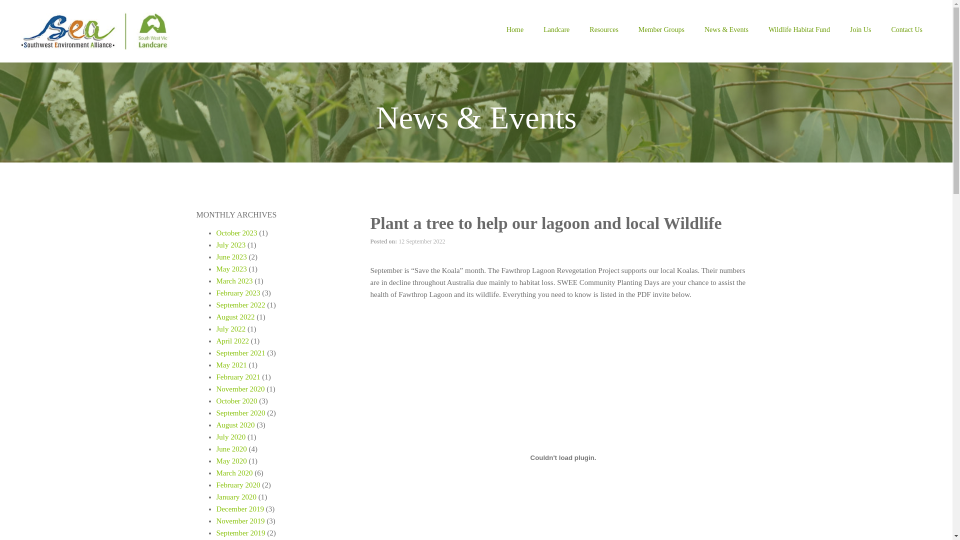 The width and height of the screenshot is (960, 540). What do you see at coordinates (230, 268) in the screenshot?
I see `'May 2023'` at bounding box center [230, 268].